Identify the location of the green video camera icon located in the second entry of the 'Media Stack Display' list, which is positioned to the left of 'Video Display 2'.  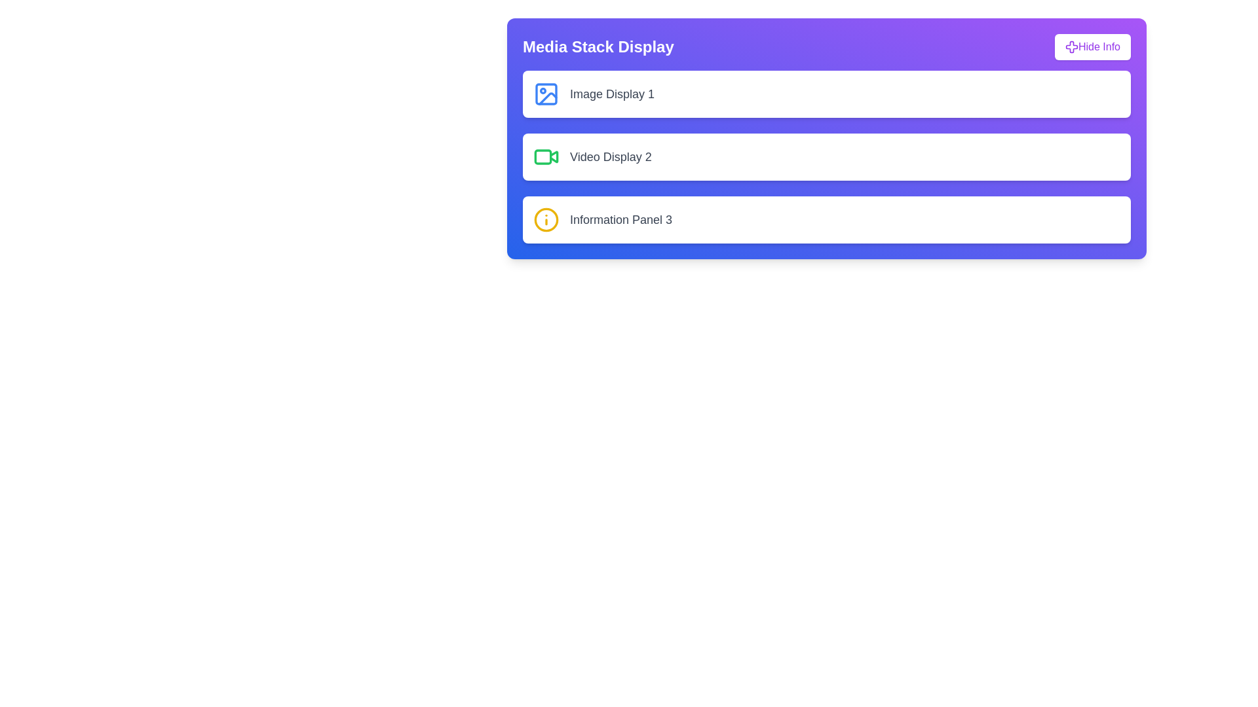
(546, 156).